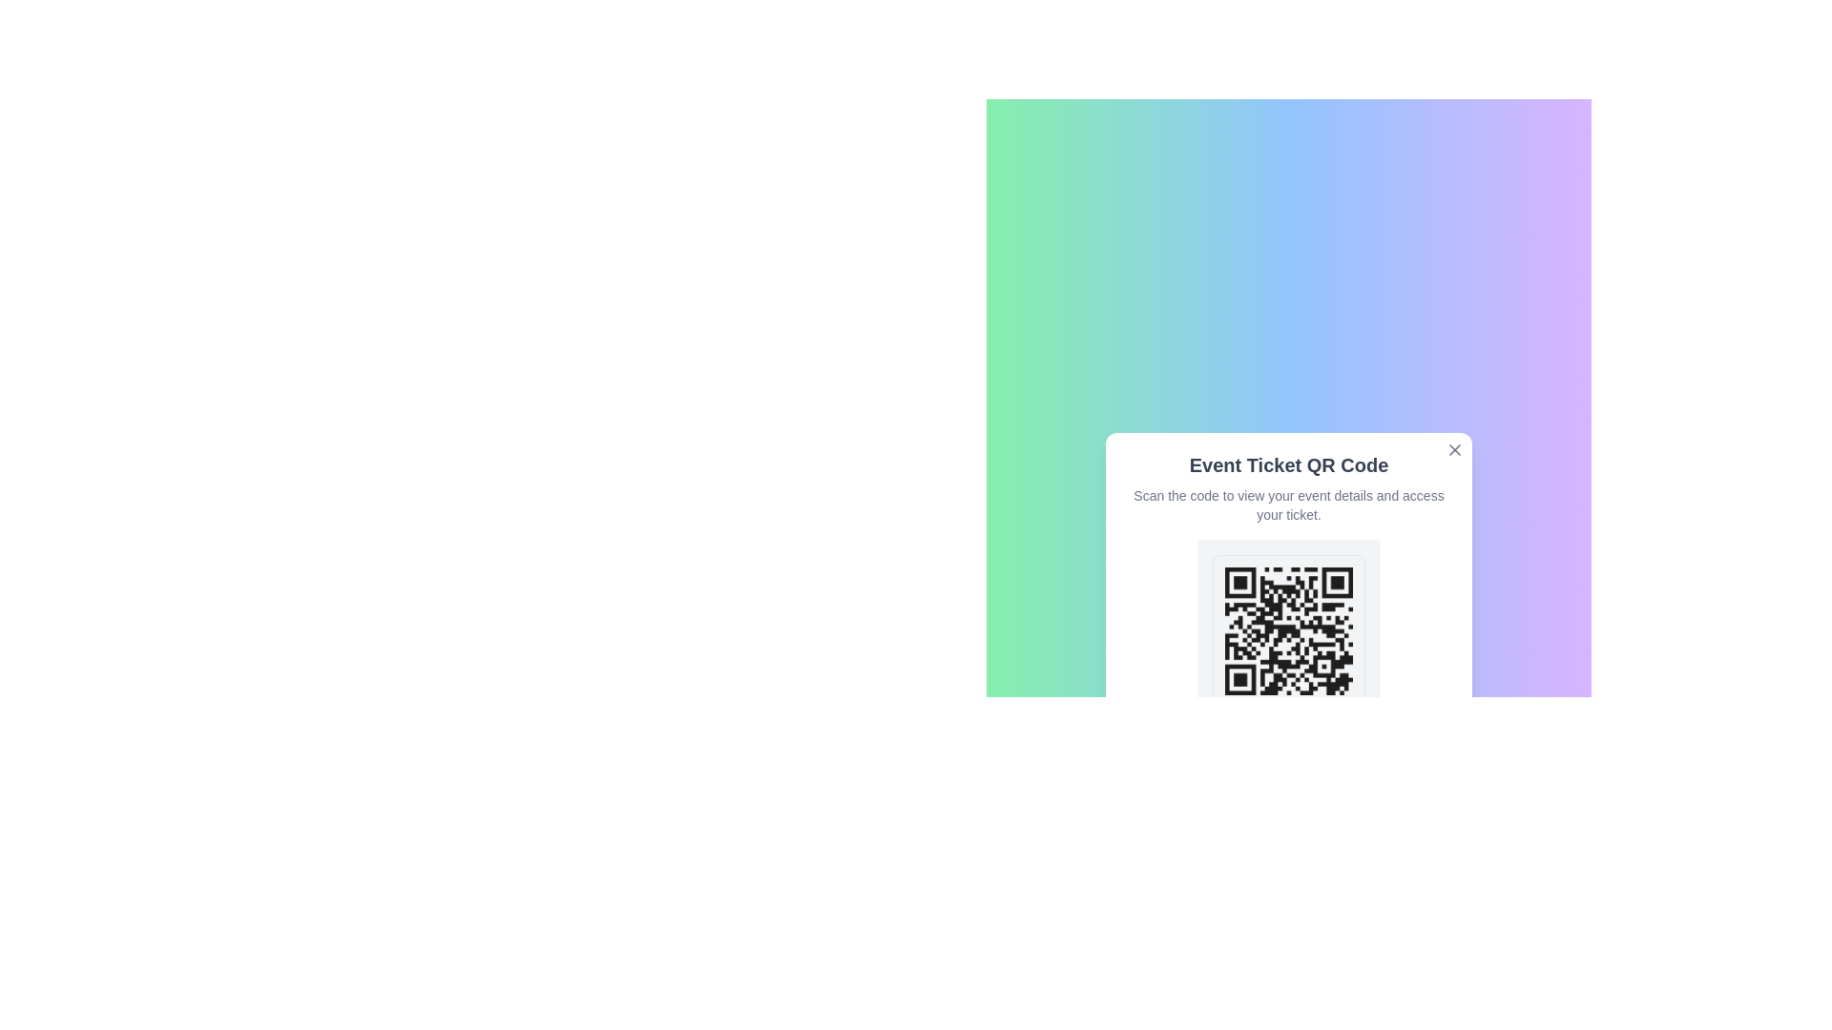 The height and width of the screenshot is (1030, 1832). What do you see at coordinates (1454, 449) in the screenshot?
I see `the close button located in the top-right corner of the modal window adjacent to the title 'Event Ticket QR Code' to change its color tone` at bounding box center [1454, 449].